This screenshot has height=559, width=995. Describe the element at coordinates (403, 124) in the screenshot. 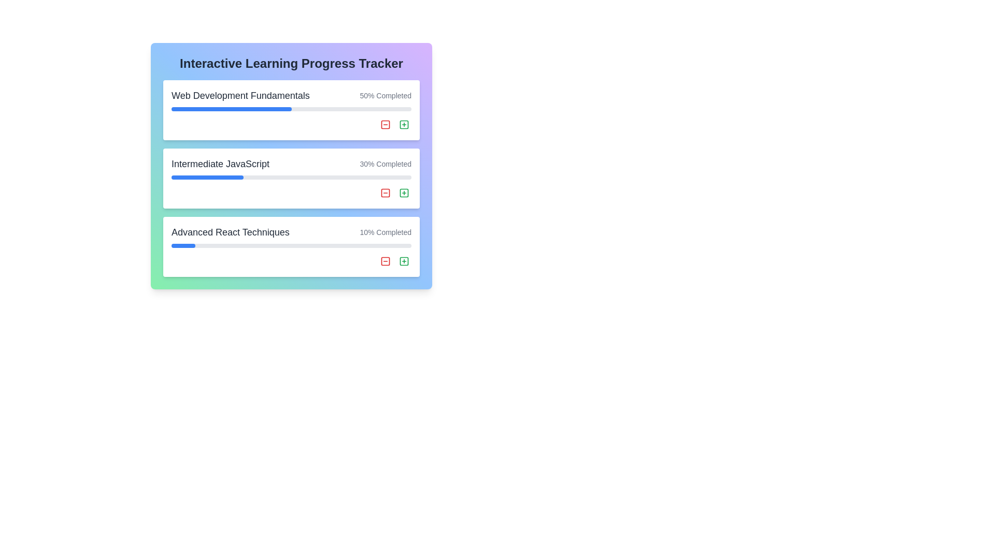

I see `the small square with rounded corners located within the green-bordered button with a plus icon in the 'Intermediate JavaScript' progress tracker row` at that location.